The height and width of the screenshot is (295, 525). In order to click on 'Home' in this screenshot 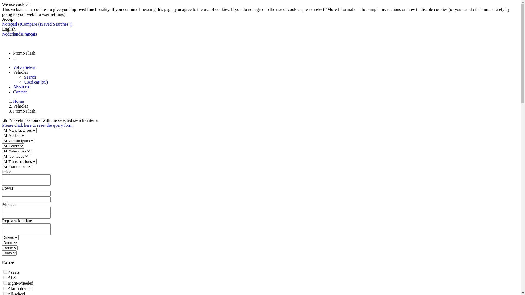, I will do `click(18, 101)`.